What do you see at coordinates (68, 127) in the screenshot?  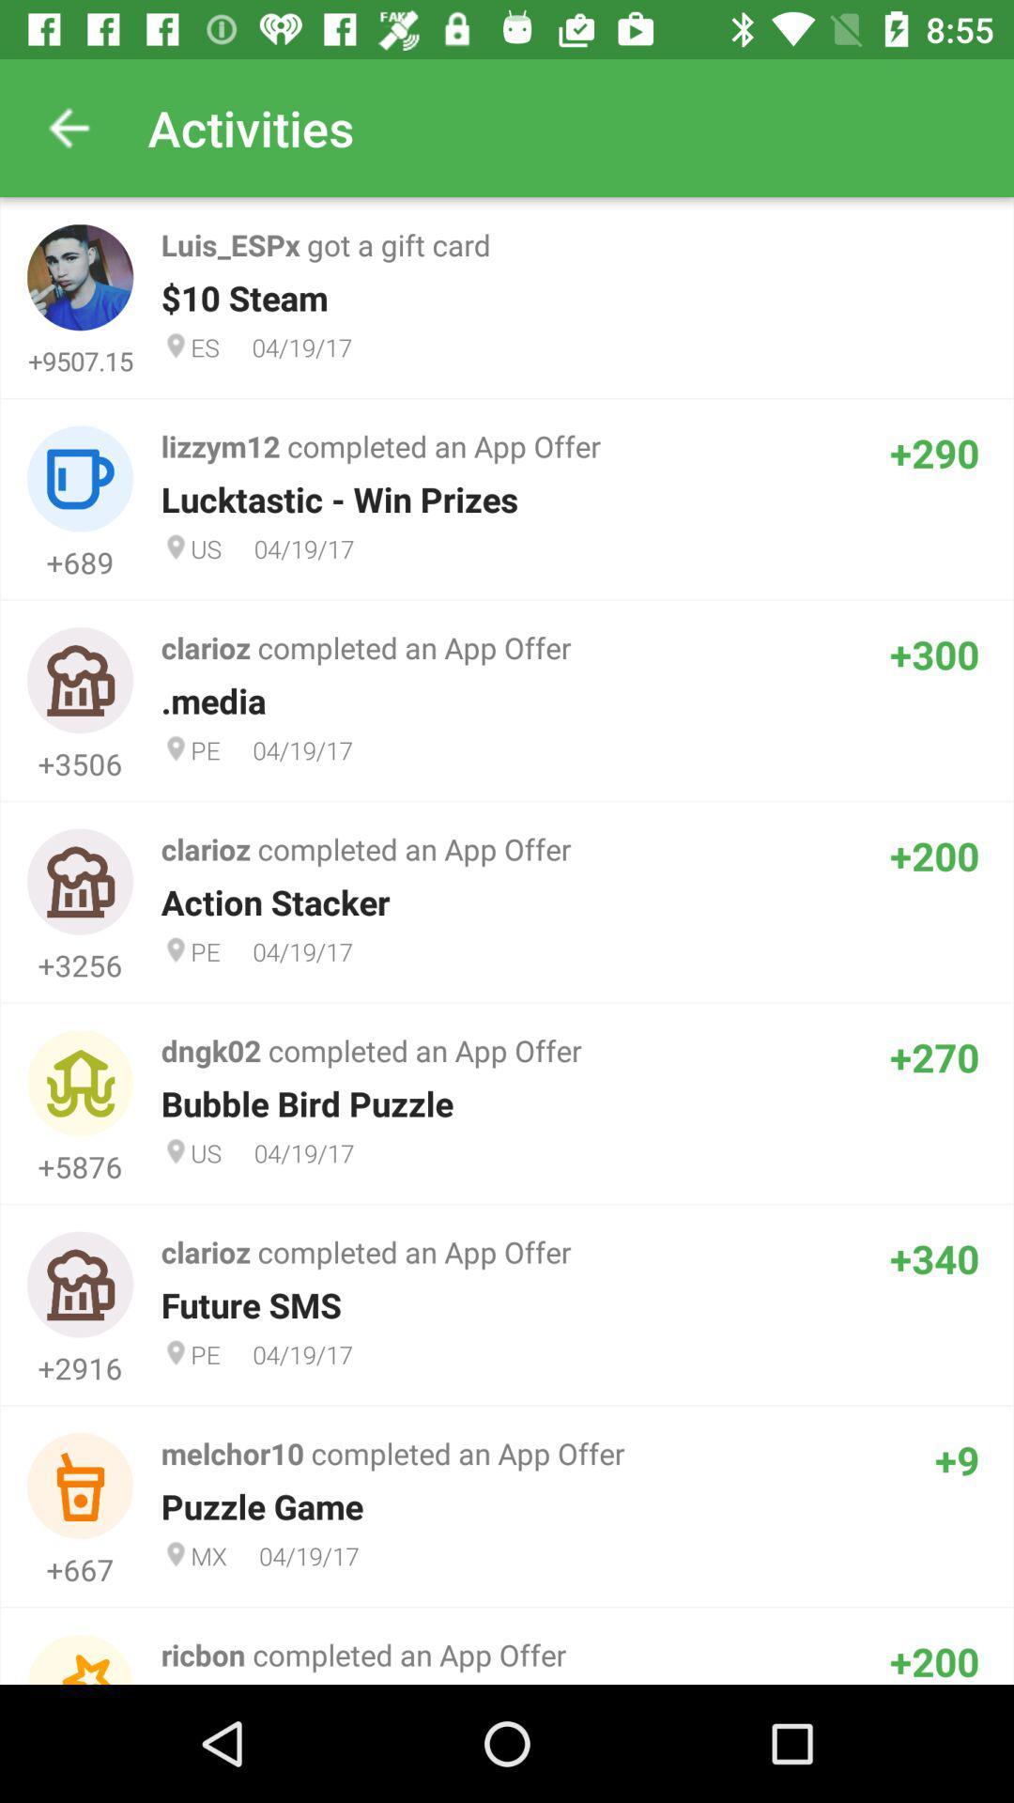 I see `app to the left of activities app` at bounding box center [68, 127].